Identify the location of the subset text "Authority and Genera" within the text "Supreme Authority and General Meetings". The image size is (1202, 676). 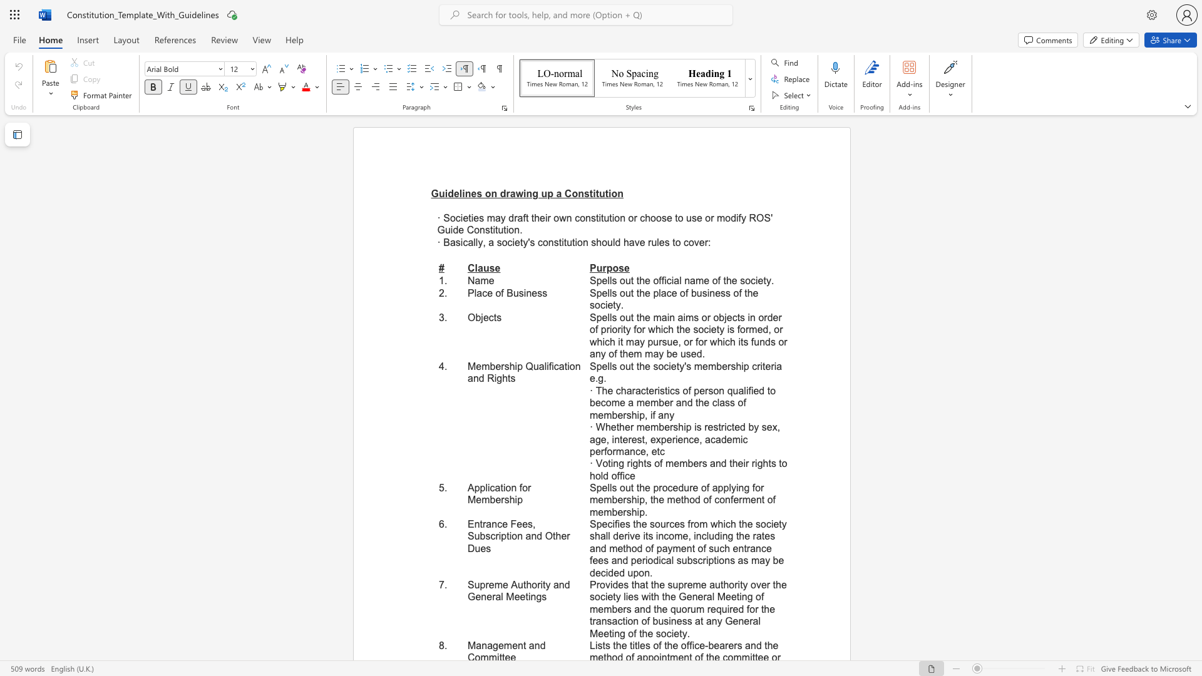
(511, 585).